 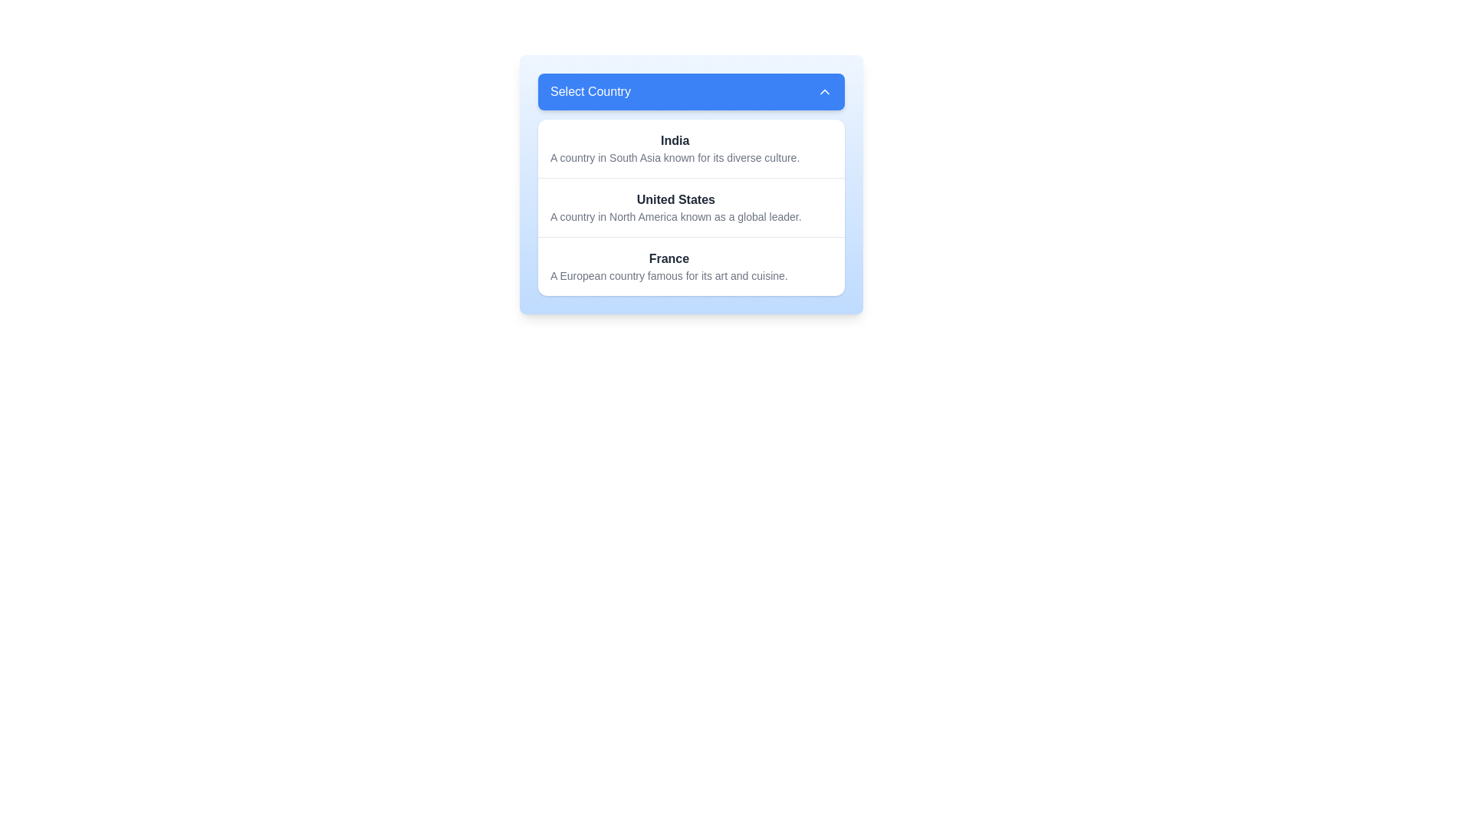 I want to click on descriptive text label located directly below the 'United States' option in the 'Select Country' dropdown menu, so click(x=675, y=216).